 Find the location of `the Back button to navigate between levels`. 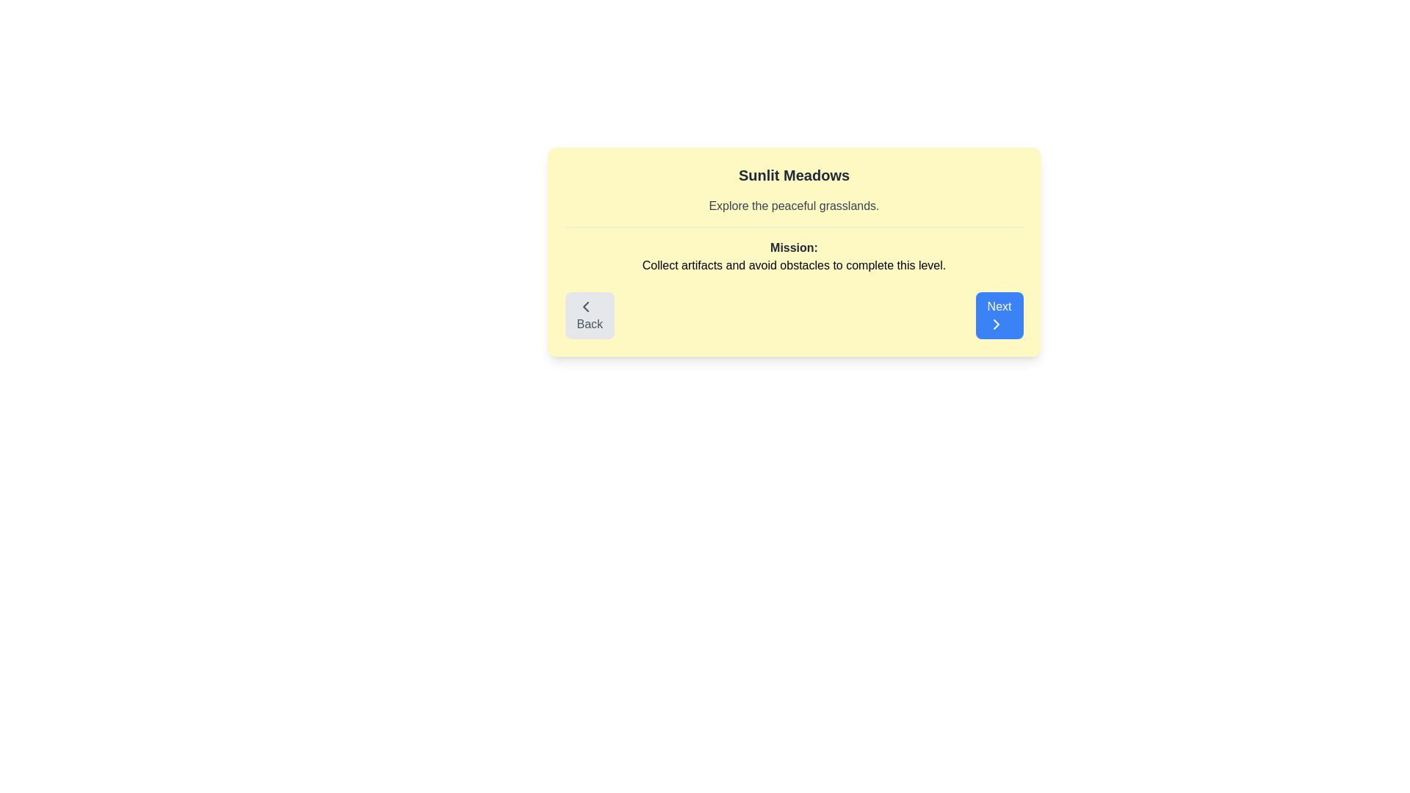

the Back button to navigate between levels is located at coordinates (590, 314).